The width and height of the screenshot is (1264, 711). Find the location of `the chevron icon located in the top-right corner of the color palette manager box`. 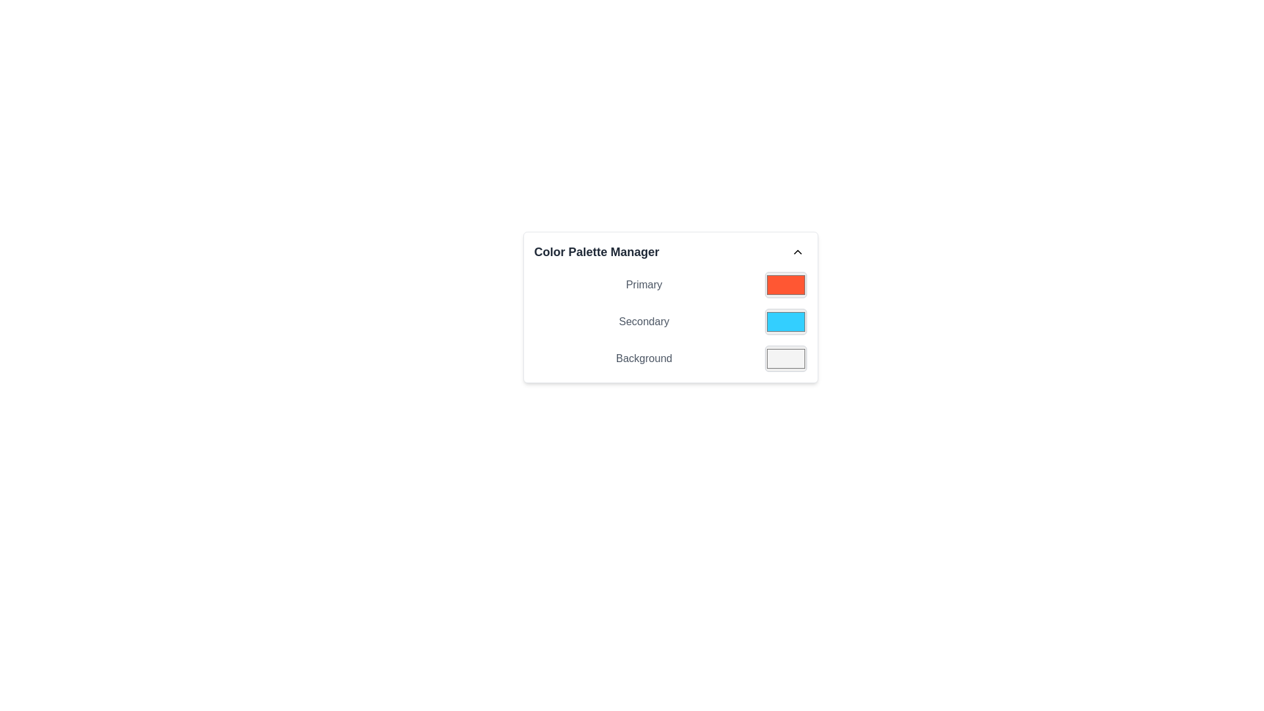

the chevron icon located in the top-right corner of the color palette manager box is located at coordinates (797, 251).